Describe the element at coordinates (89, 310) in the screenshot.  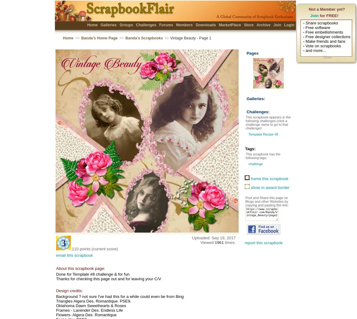
I see `'Frames - Lavender Des.  Endless Life'` at that location.